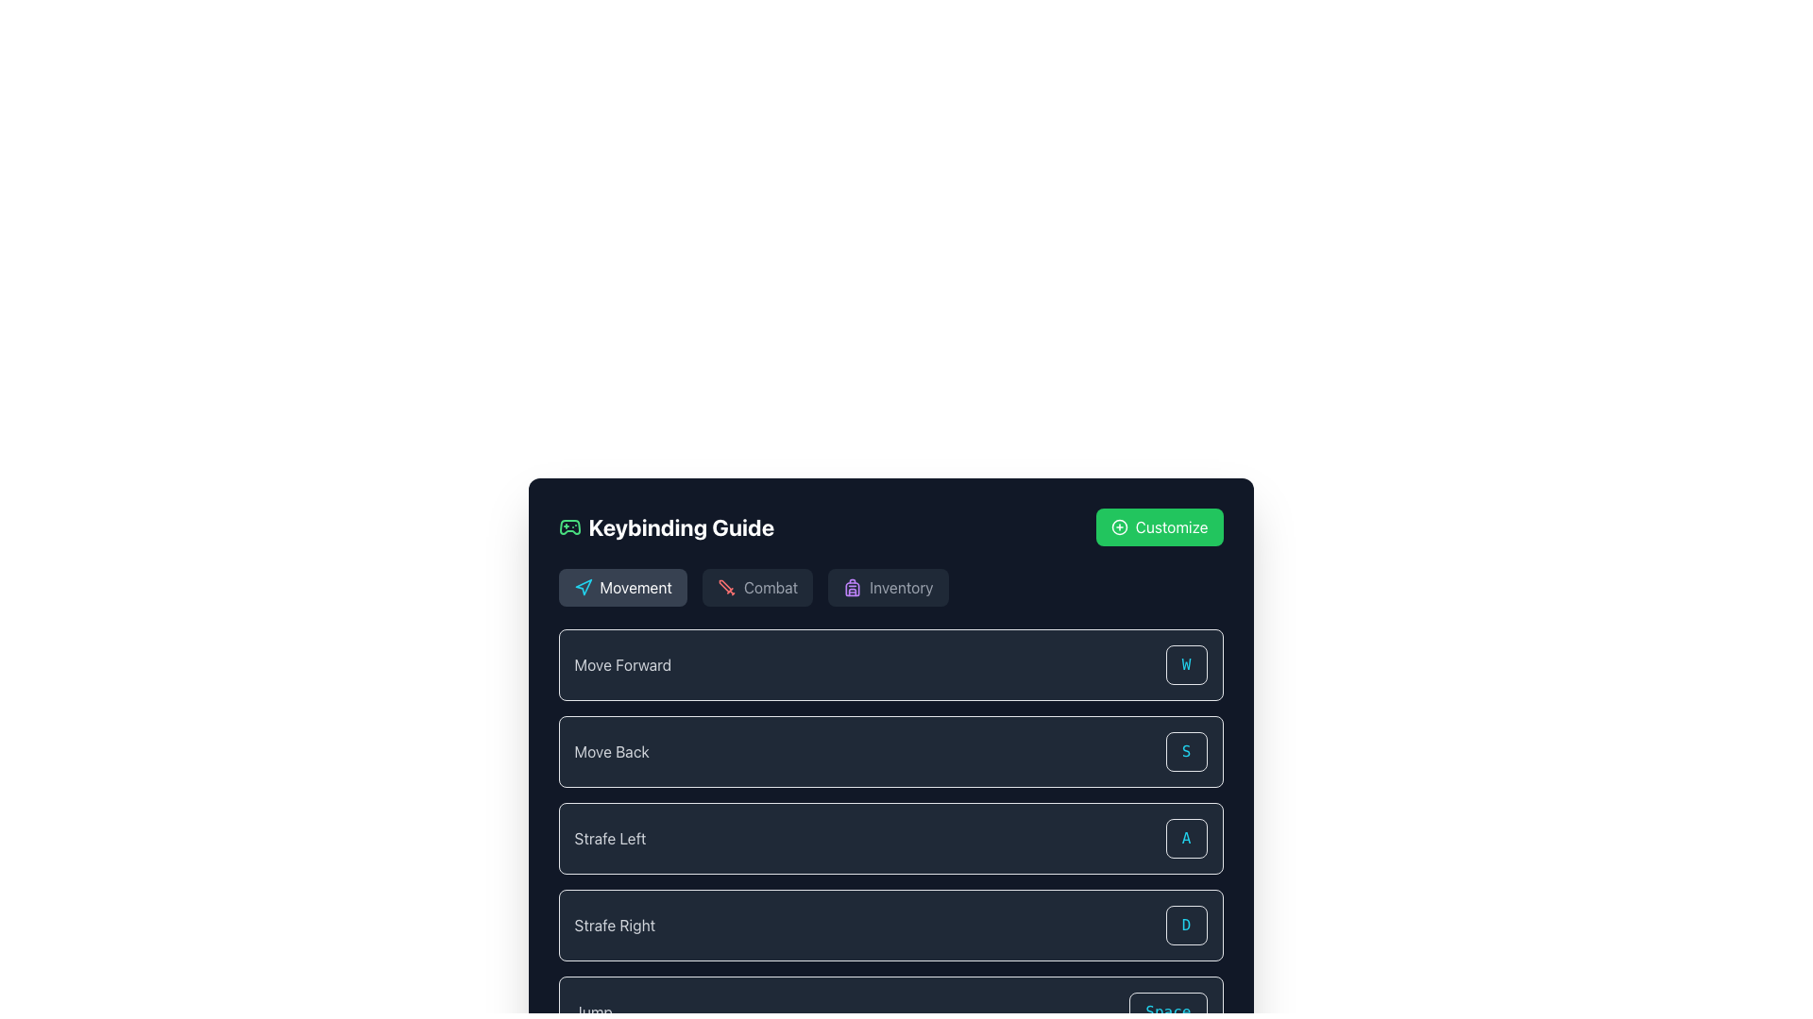 The height and width of the screenshot is (1019, 1813). What do you see at coordinates (610, 837) in the screenshot?
I see `the text label that describes the action associated with the 'A' control button, located in the third row of the vertical list under the 'Movement' tab` at bounding box center [610, 837].